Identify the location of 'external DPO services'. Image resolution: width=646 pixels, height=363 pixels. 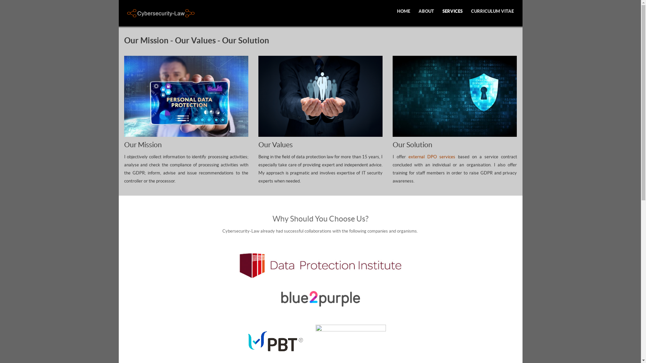
(432, 157).